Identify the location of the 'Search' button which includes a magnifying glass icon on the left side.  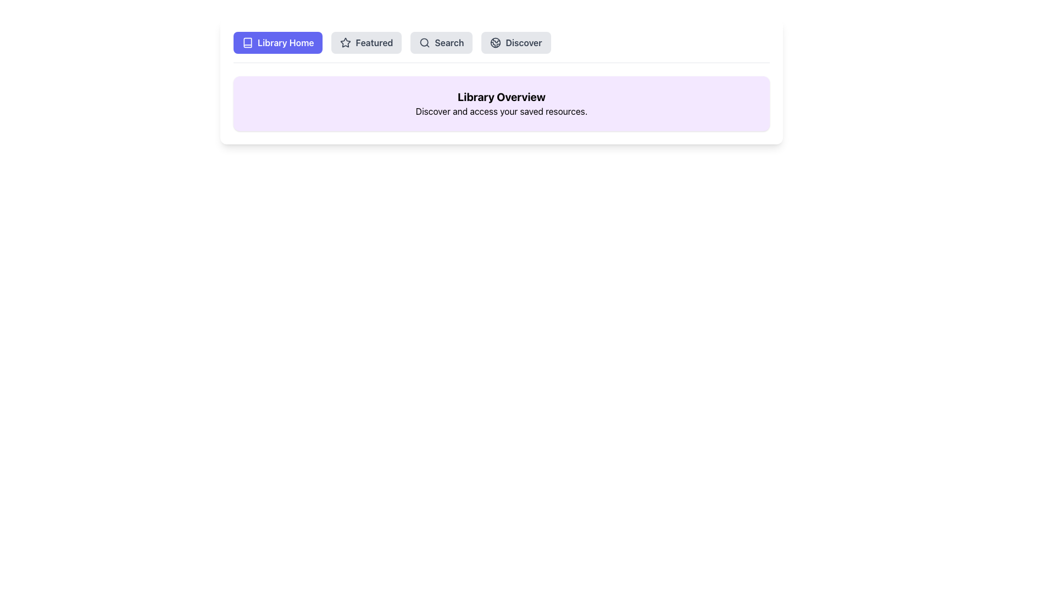
(424, 42).